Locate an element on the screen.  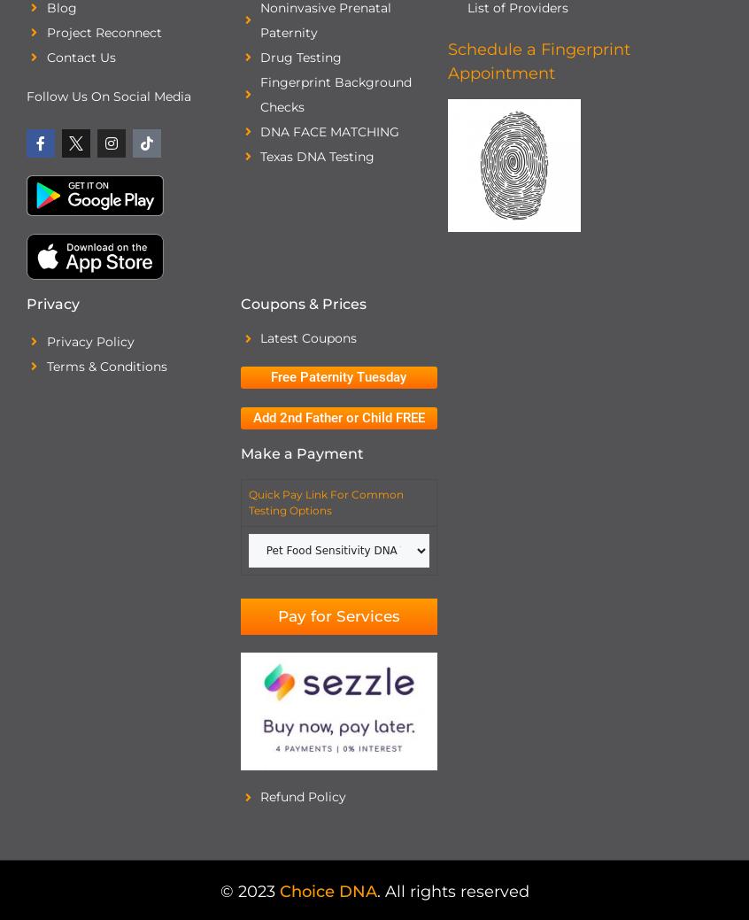
'Pay for Services' is located at coordinates (337, 614).